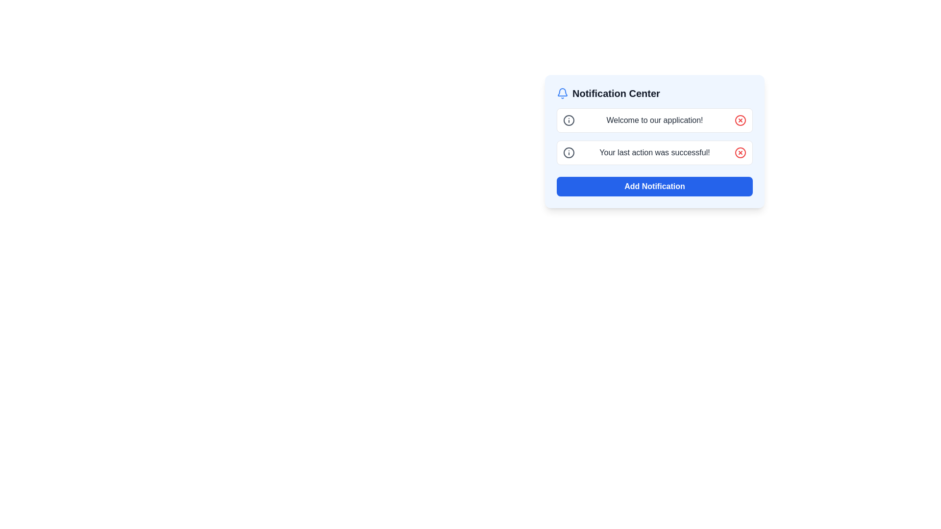 The width and height of the screenshot is (941, 529). I want to click on the outer circular component of the icon representing informational content, located at the top left of the 'Notification Center' card, so click(569, 153).